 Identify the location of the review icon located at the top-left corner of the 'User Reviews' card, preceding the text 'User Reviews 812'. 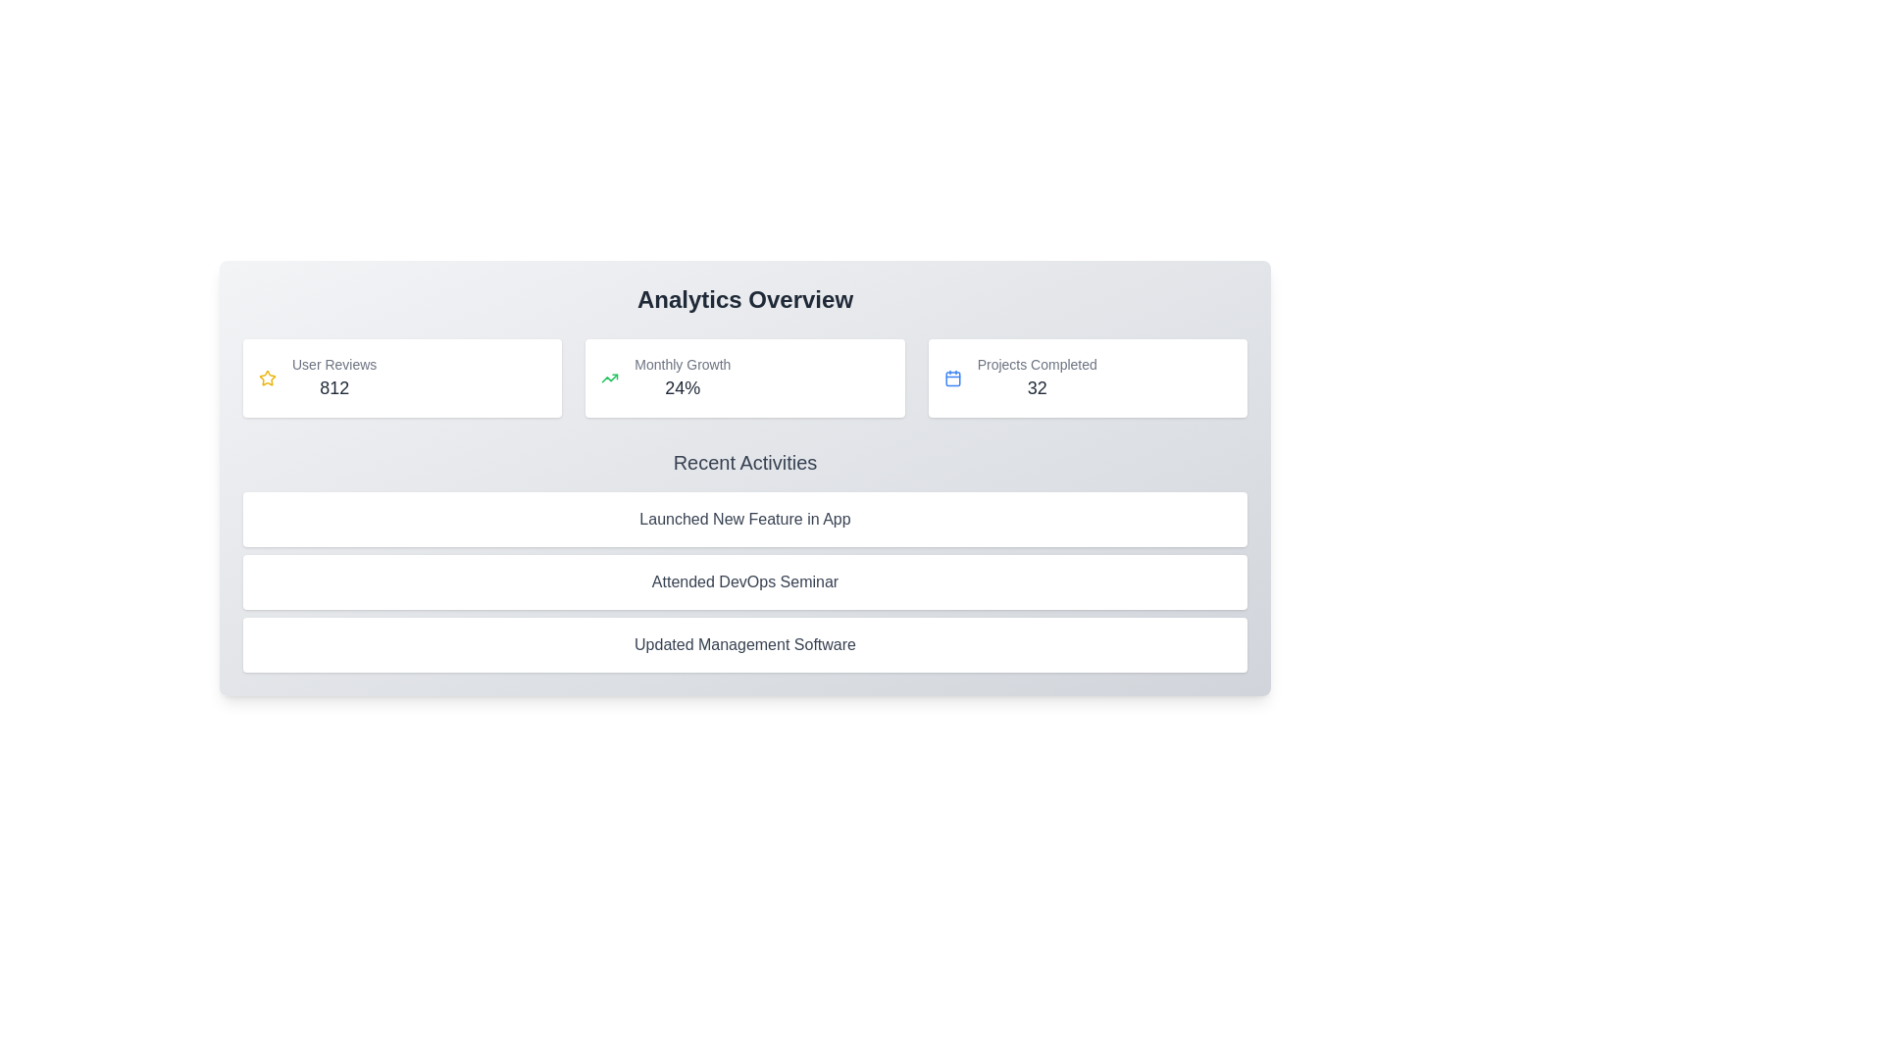
(267, 378).